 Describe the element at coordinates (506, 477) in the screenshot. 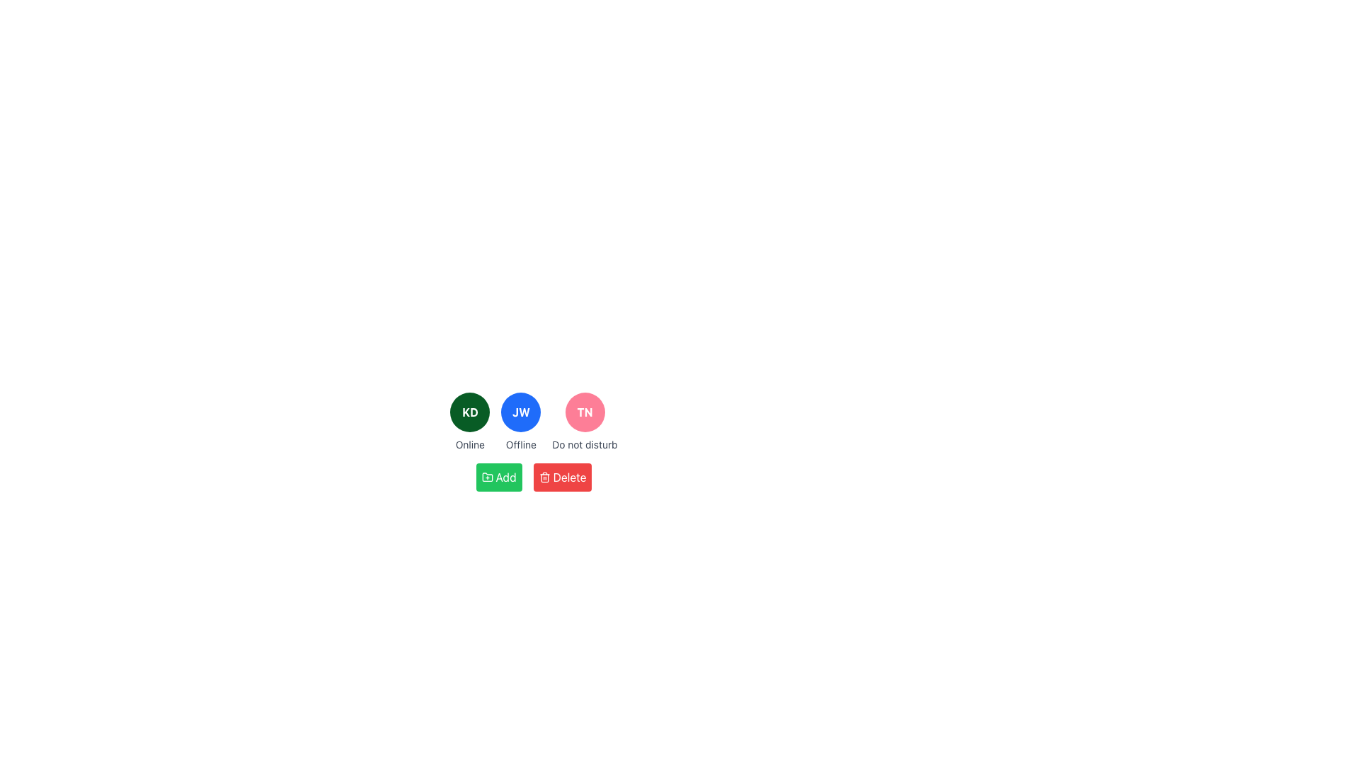

I see `keyboard navigation` at that location.